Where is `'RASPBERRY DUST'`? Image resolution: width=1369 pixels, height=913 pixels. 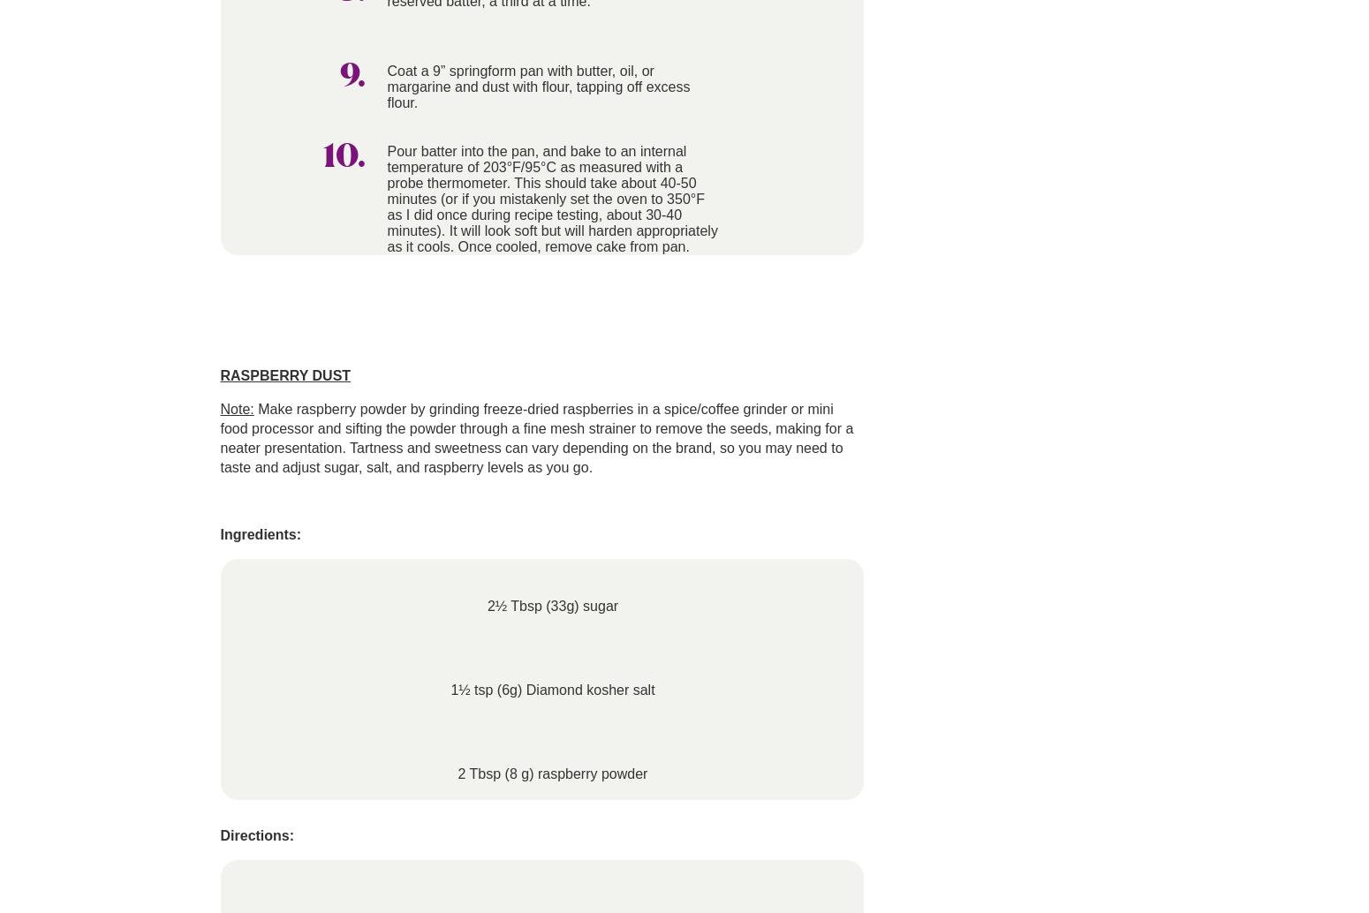 'RASPBERRY DUST' is located at coordinates (284, 374).